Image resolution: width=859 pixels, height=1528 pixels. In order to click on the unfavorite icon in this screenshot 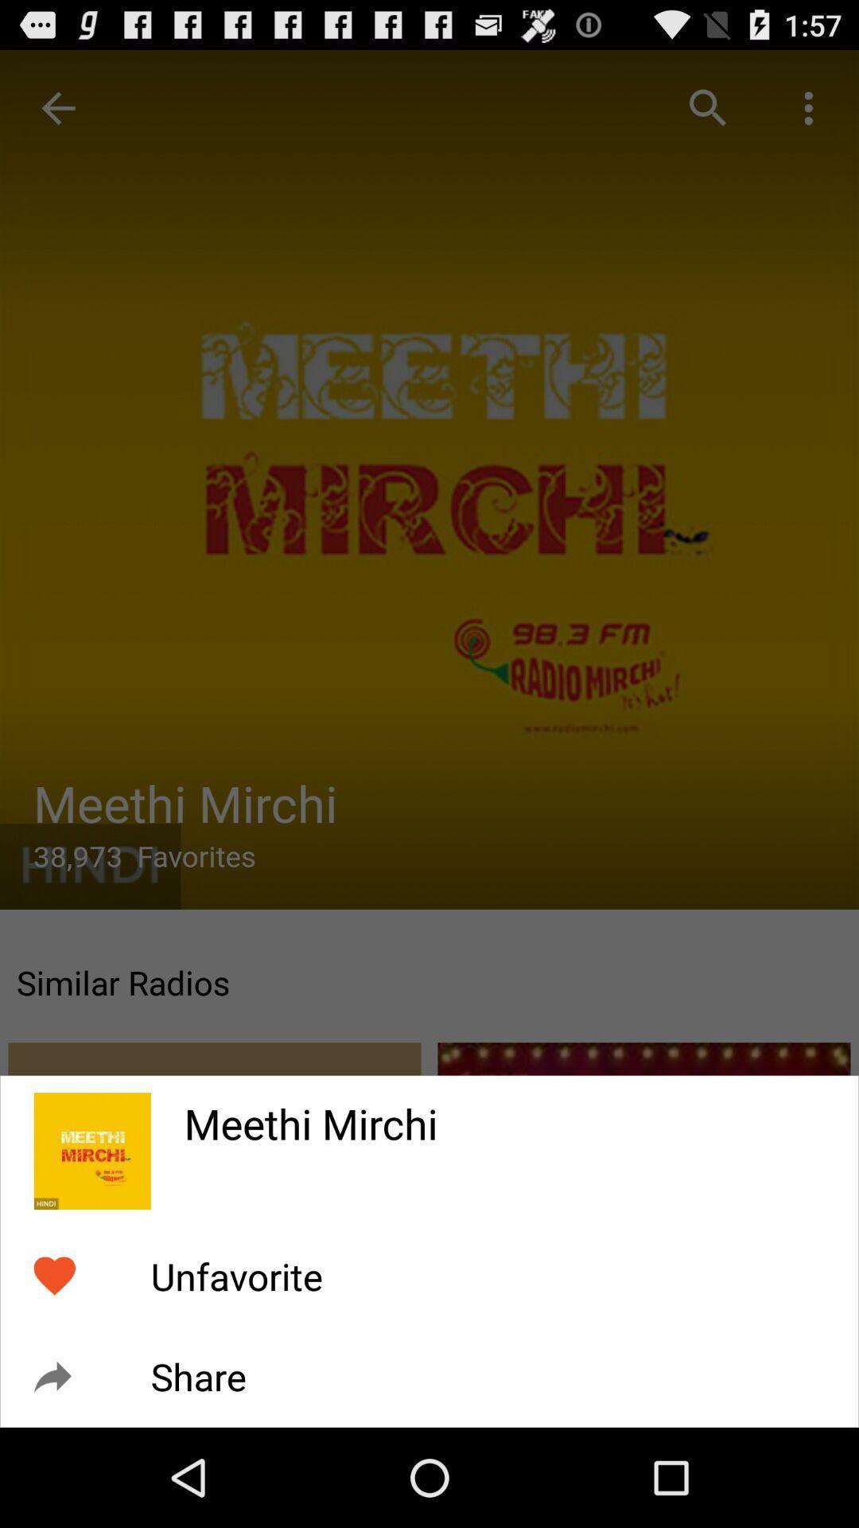, I will do `click(236, 1277)`.